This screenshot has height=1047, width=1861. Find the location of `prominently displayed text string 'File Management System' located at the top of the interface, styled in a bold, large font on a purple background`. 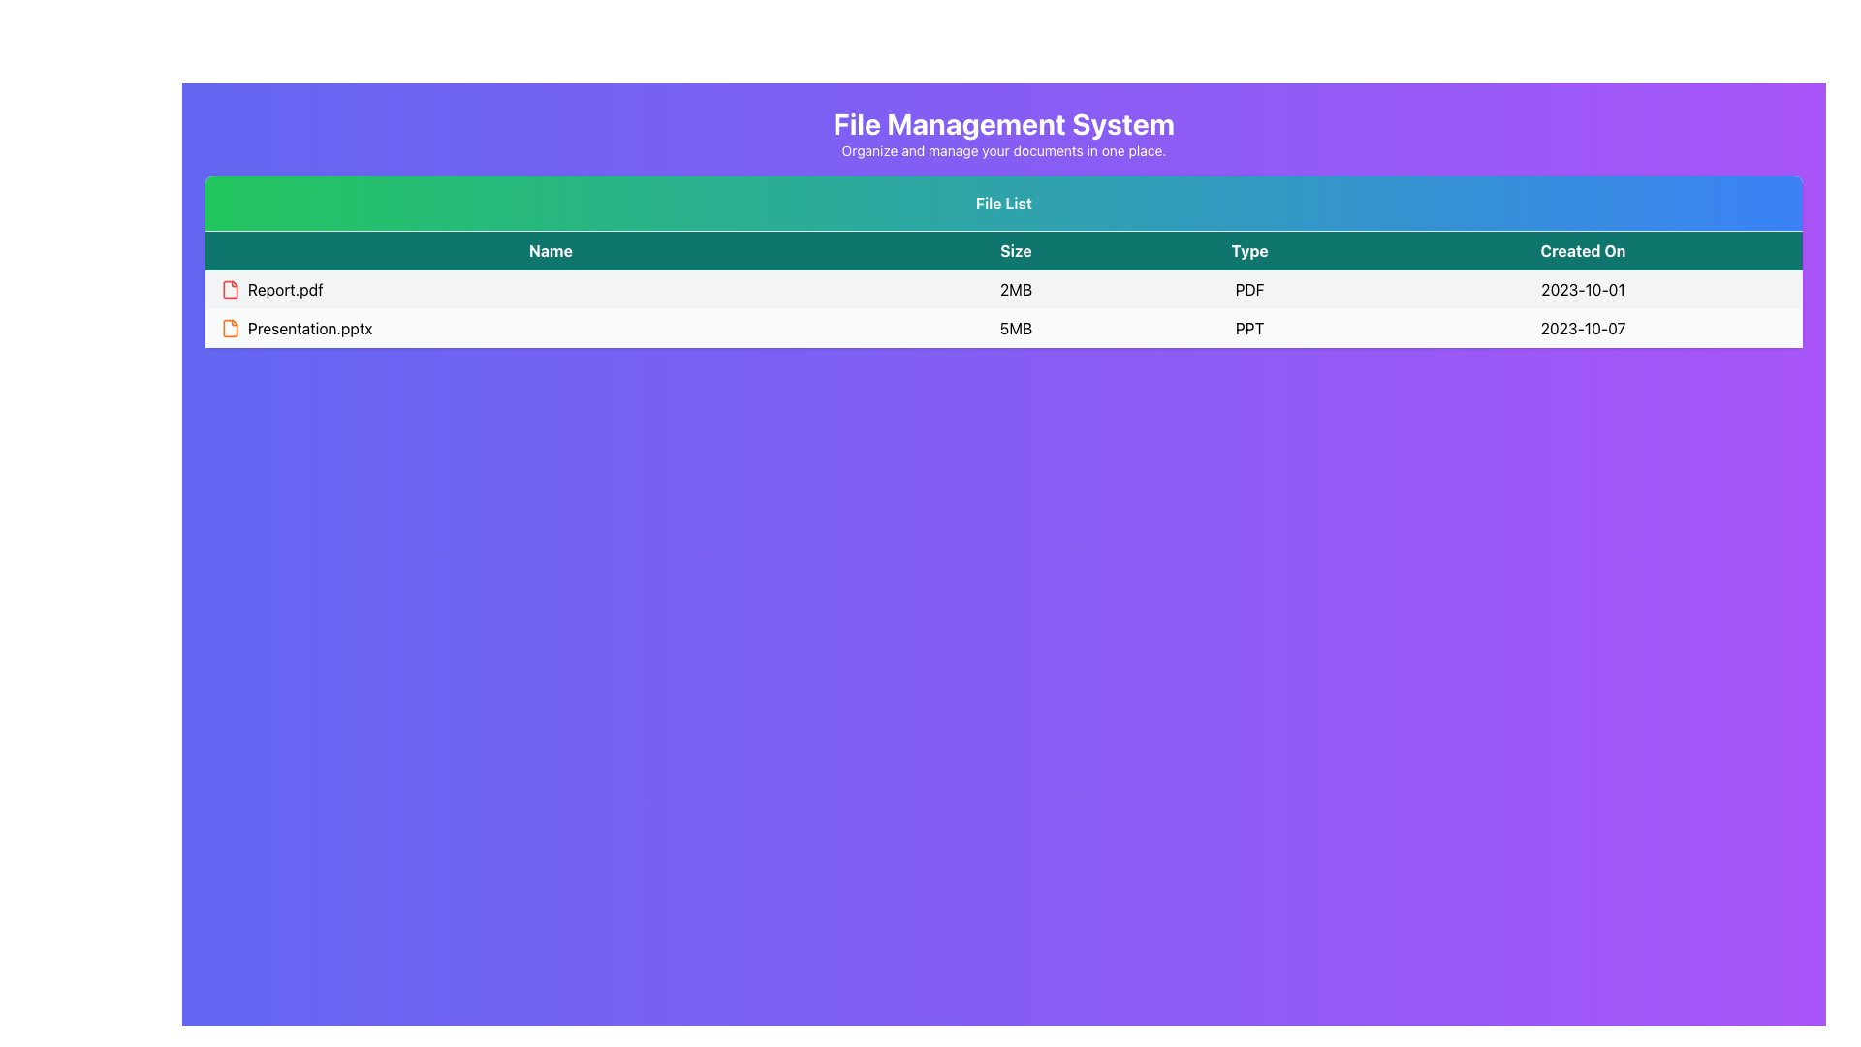

prominently displayed text string 'File Management System' located at the top of the interface, styled in a bold, large font on a purple background is located at coordinates (1004, 123).